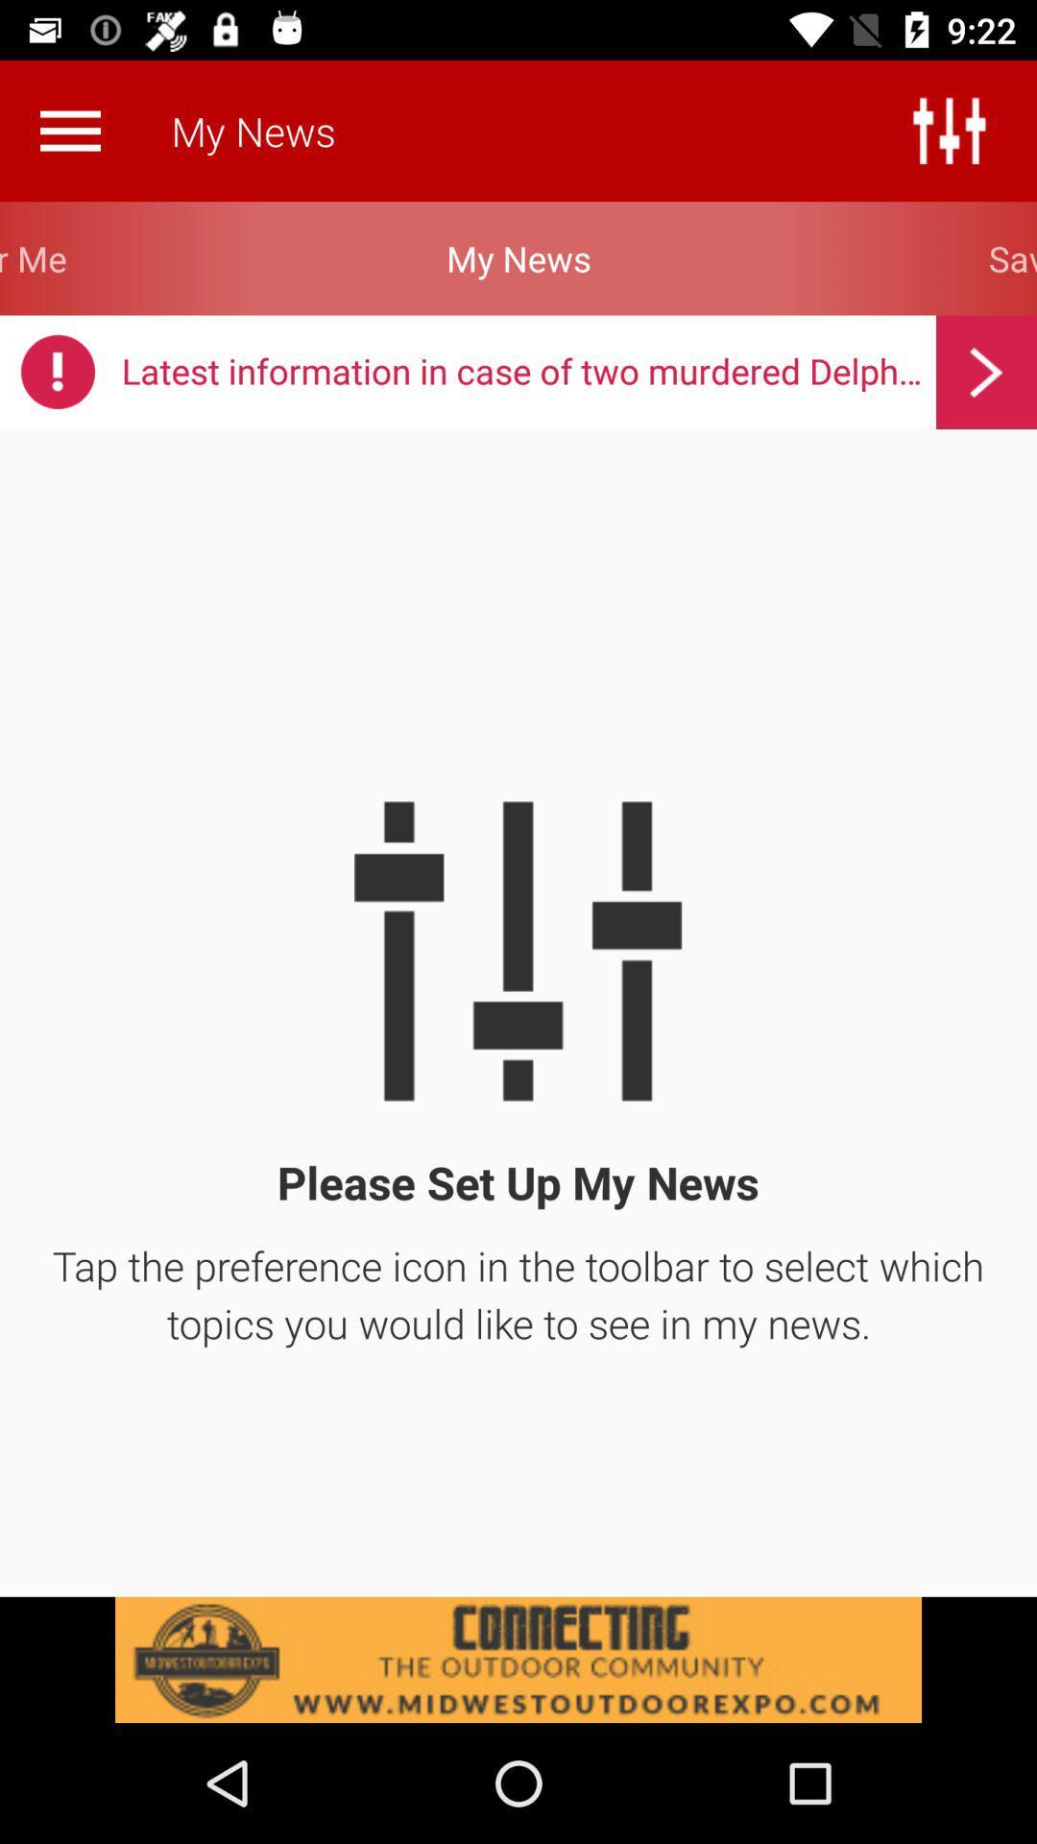 The image size is (1037, 1844). What do you see at coordinates (69, 130) in the screenshot?
I see `open menu` at bounding box center [69, 130].